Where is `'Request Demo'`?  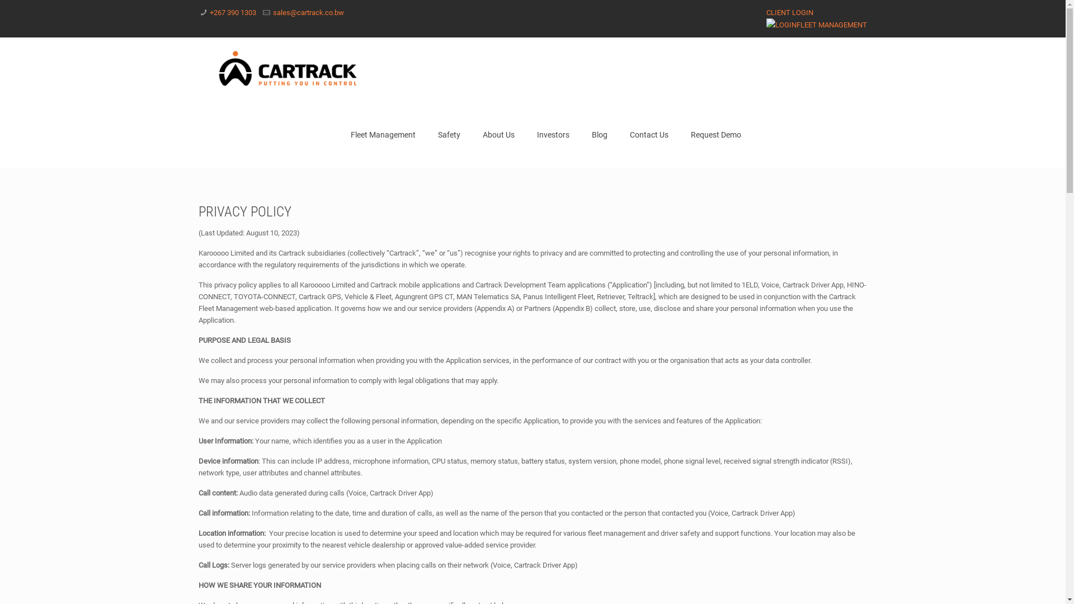
'Request Demo' is located at coordinates (716, 134).